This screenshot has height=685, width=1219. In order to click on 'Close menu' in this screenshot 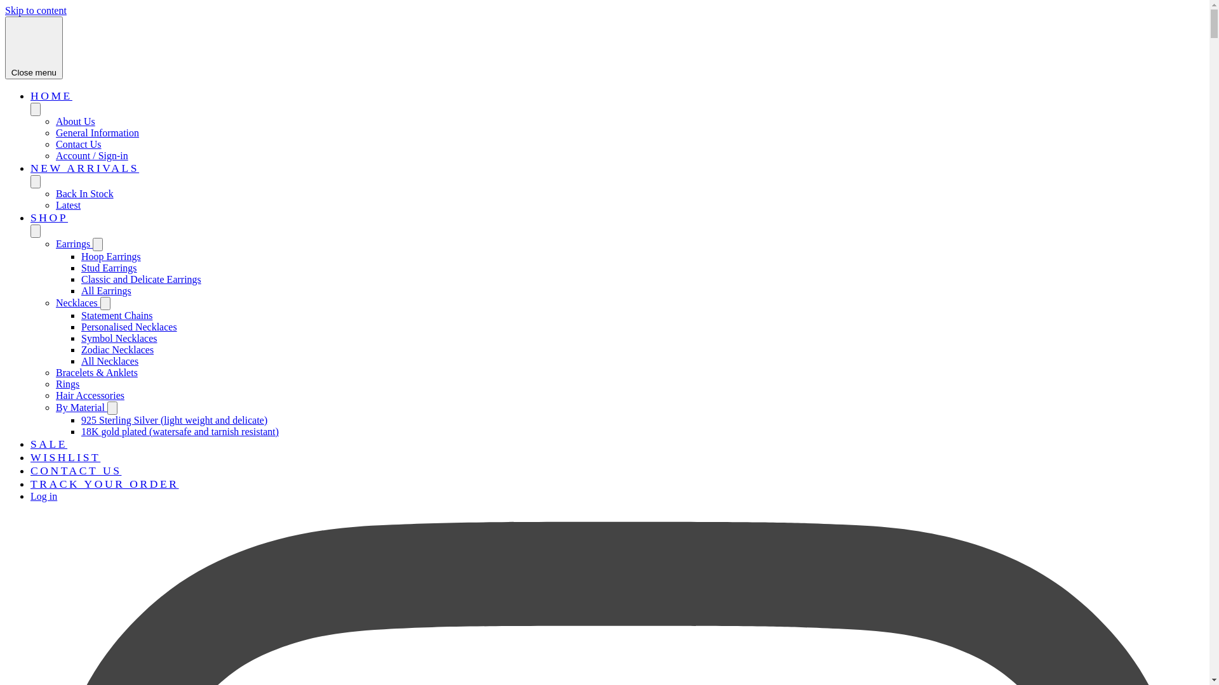, I will do `click(34, 47)`.